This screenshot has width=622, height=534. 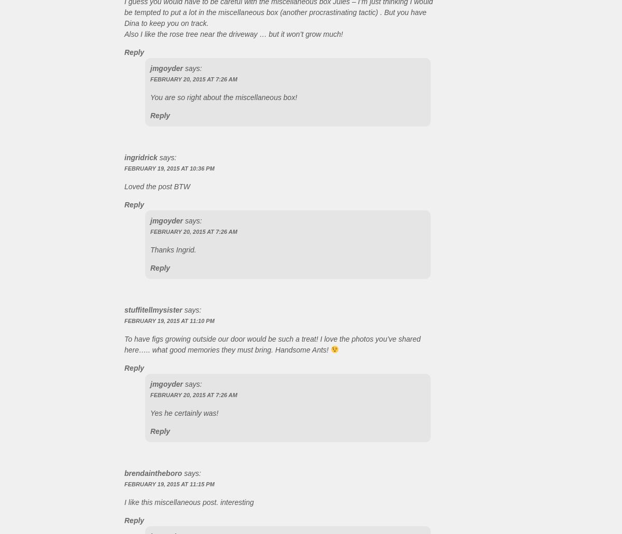 What do you see at coordinates (272, 343) in the screenshot?
I see `'To have figs growing outside our door would be such a treat!  I love the photos you’ve shared here….. what good memories they must bring.  Handsome Ants!'` at bounding box center [272, 343].